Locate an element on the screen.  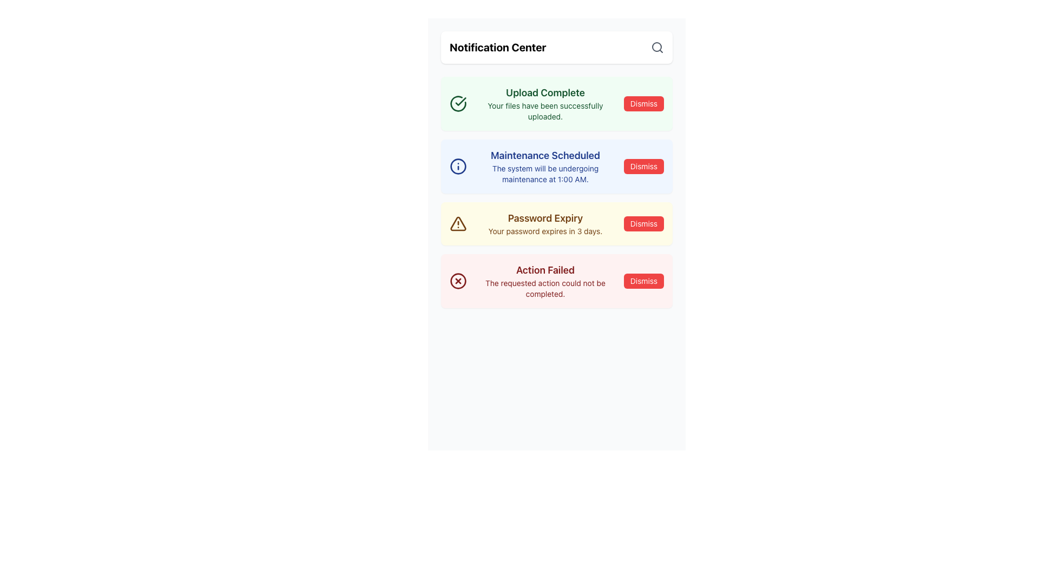
the success status icon located at the top-left corner of the 'Upload Complete' notification card in the notification center interface is located at coordinates (458, 104).